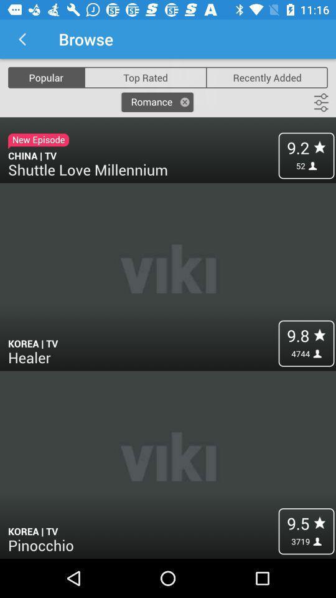 The image size is (336, 598). I want to click on the top rated icon, so click(144, 77).